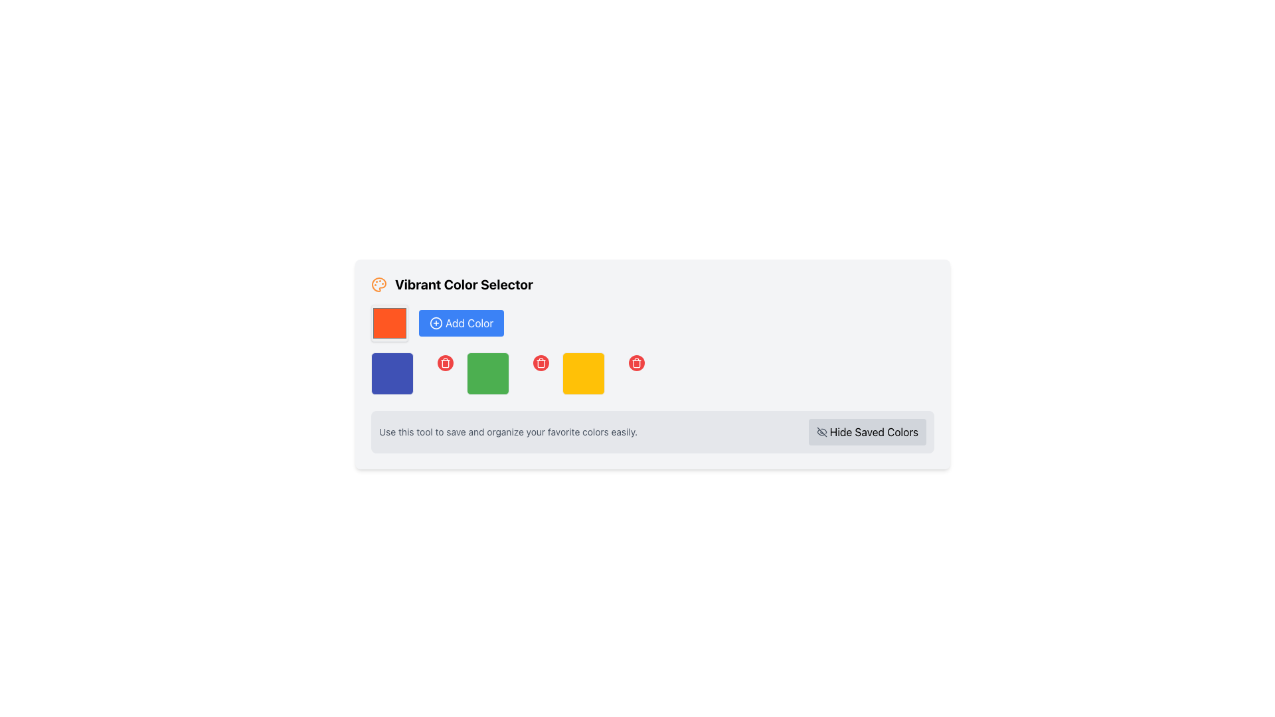 This screenshot has width=1275, height=717. I want to click on the delete button located at the top-right corner of the green color sample in the second column of the color grid, so click(541, 363).